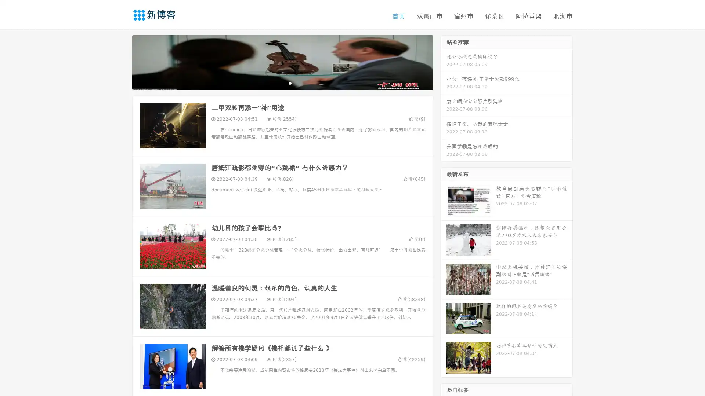  I want to click on Previous slide, so click(121, 62).